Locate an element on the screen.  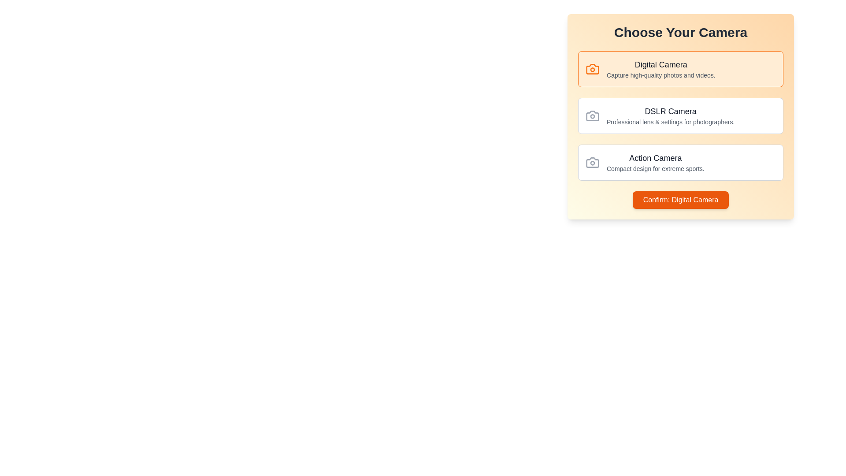
the 'Confirm: Digital Camera' button, which is a horizontally elongated rectangular button with a bold orange background and white text, located at the center of the panel under 'Choose Your Camera.' is located at coordinates (680, 200).